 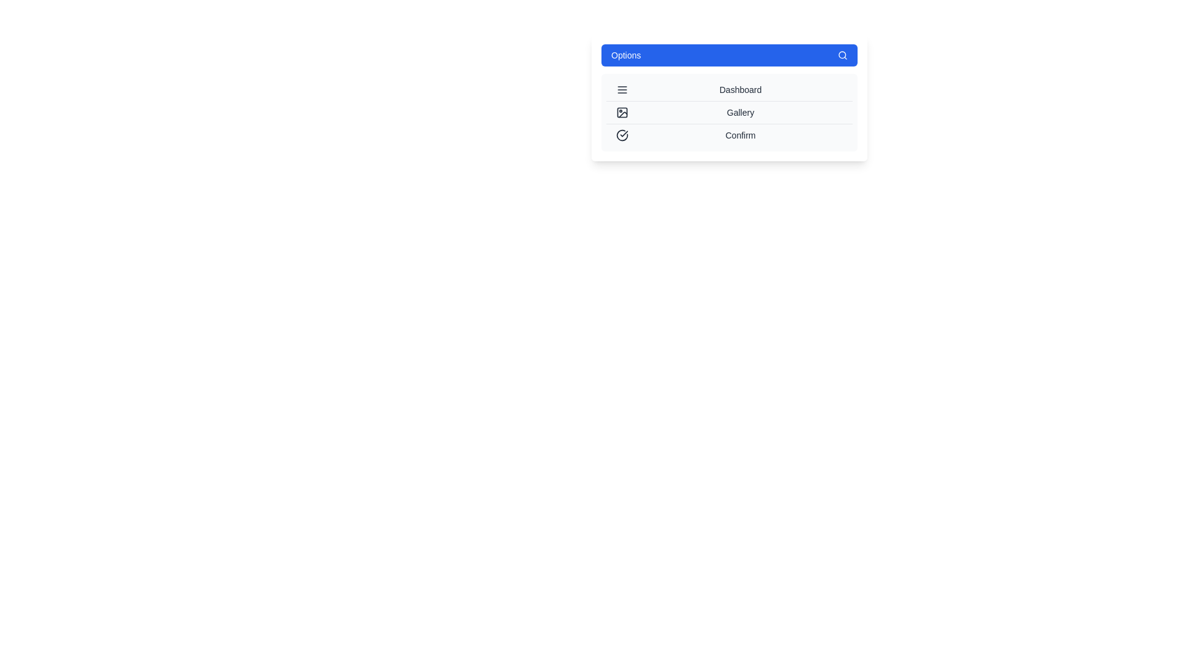 What do you see at coordinates (622, 135) in the screenshot?
I see `the icon corresponding to the menu item Confirm` at bounding box center [622, 135].